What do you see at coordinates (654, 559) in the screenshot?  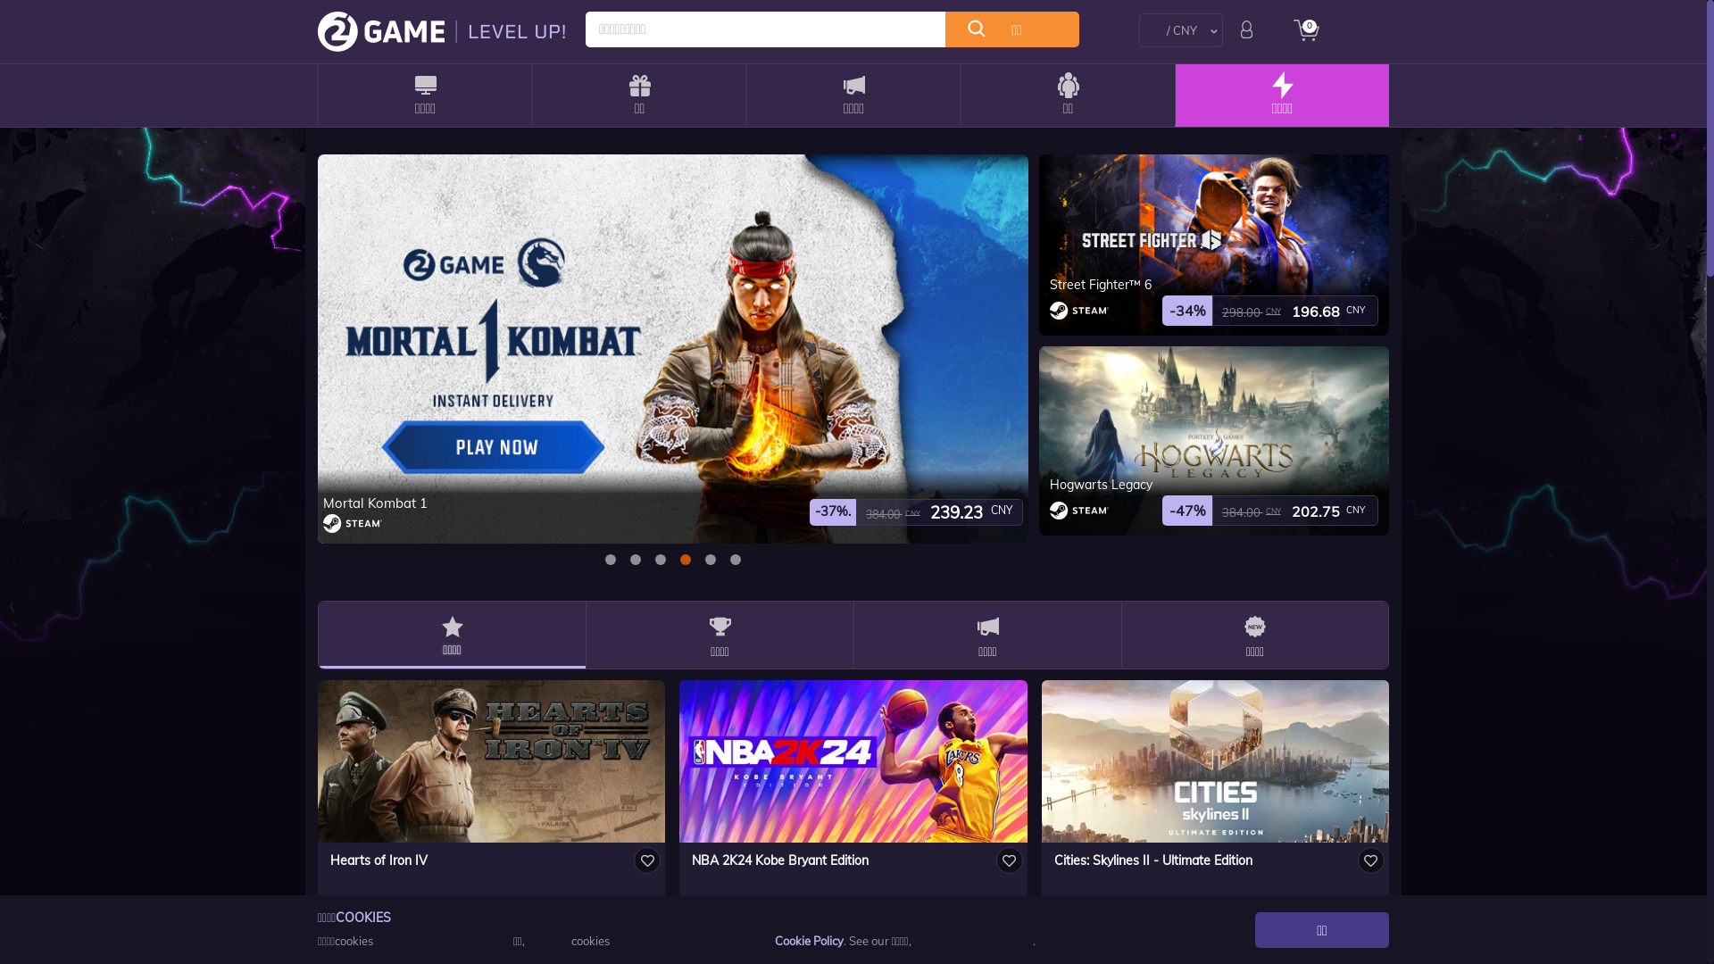 I see `'2'` at bounding box center [654, 559].